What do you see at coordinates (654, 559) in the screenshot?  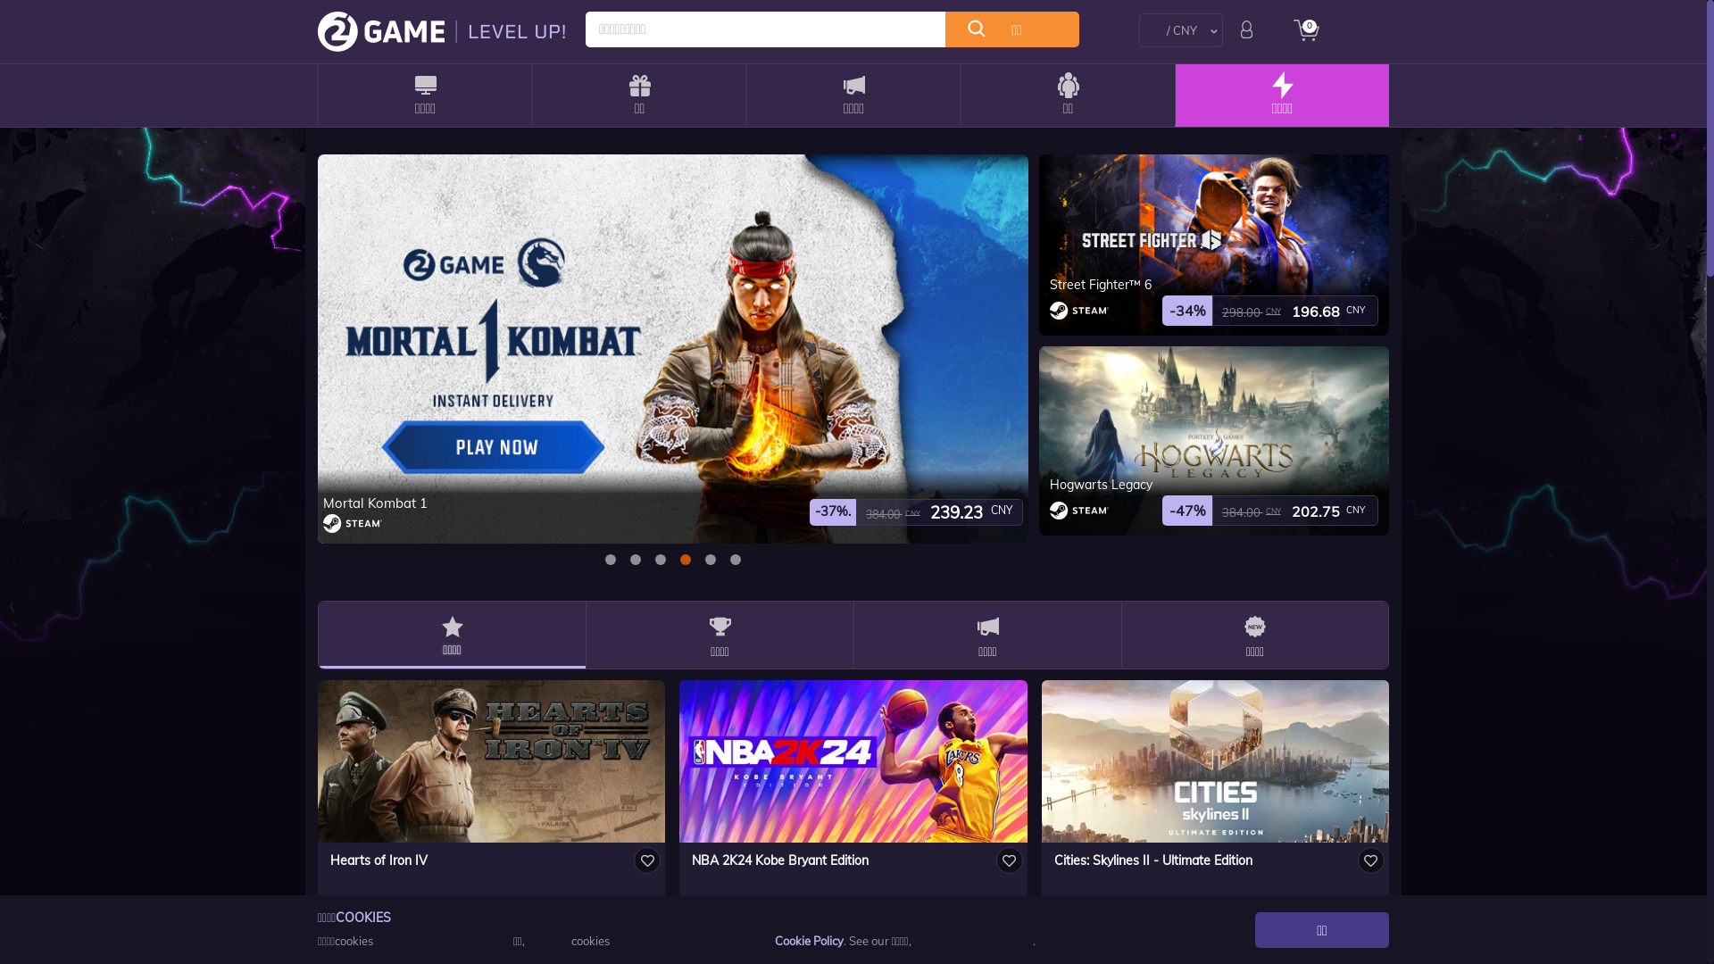 I see `'2'` at bounding box center [654, 559].